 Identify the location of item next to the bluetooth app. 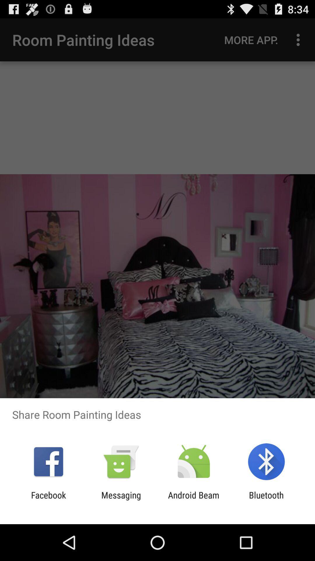
(194, 500).